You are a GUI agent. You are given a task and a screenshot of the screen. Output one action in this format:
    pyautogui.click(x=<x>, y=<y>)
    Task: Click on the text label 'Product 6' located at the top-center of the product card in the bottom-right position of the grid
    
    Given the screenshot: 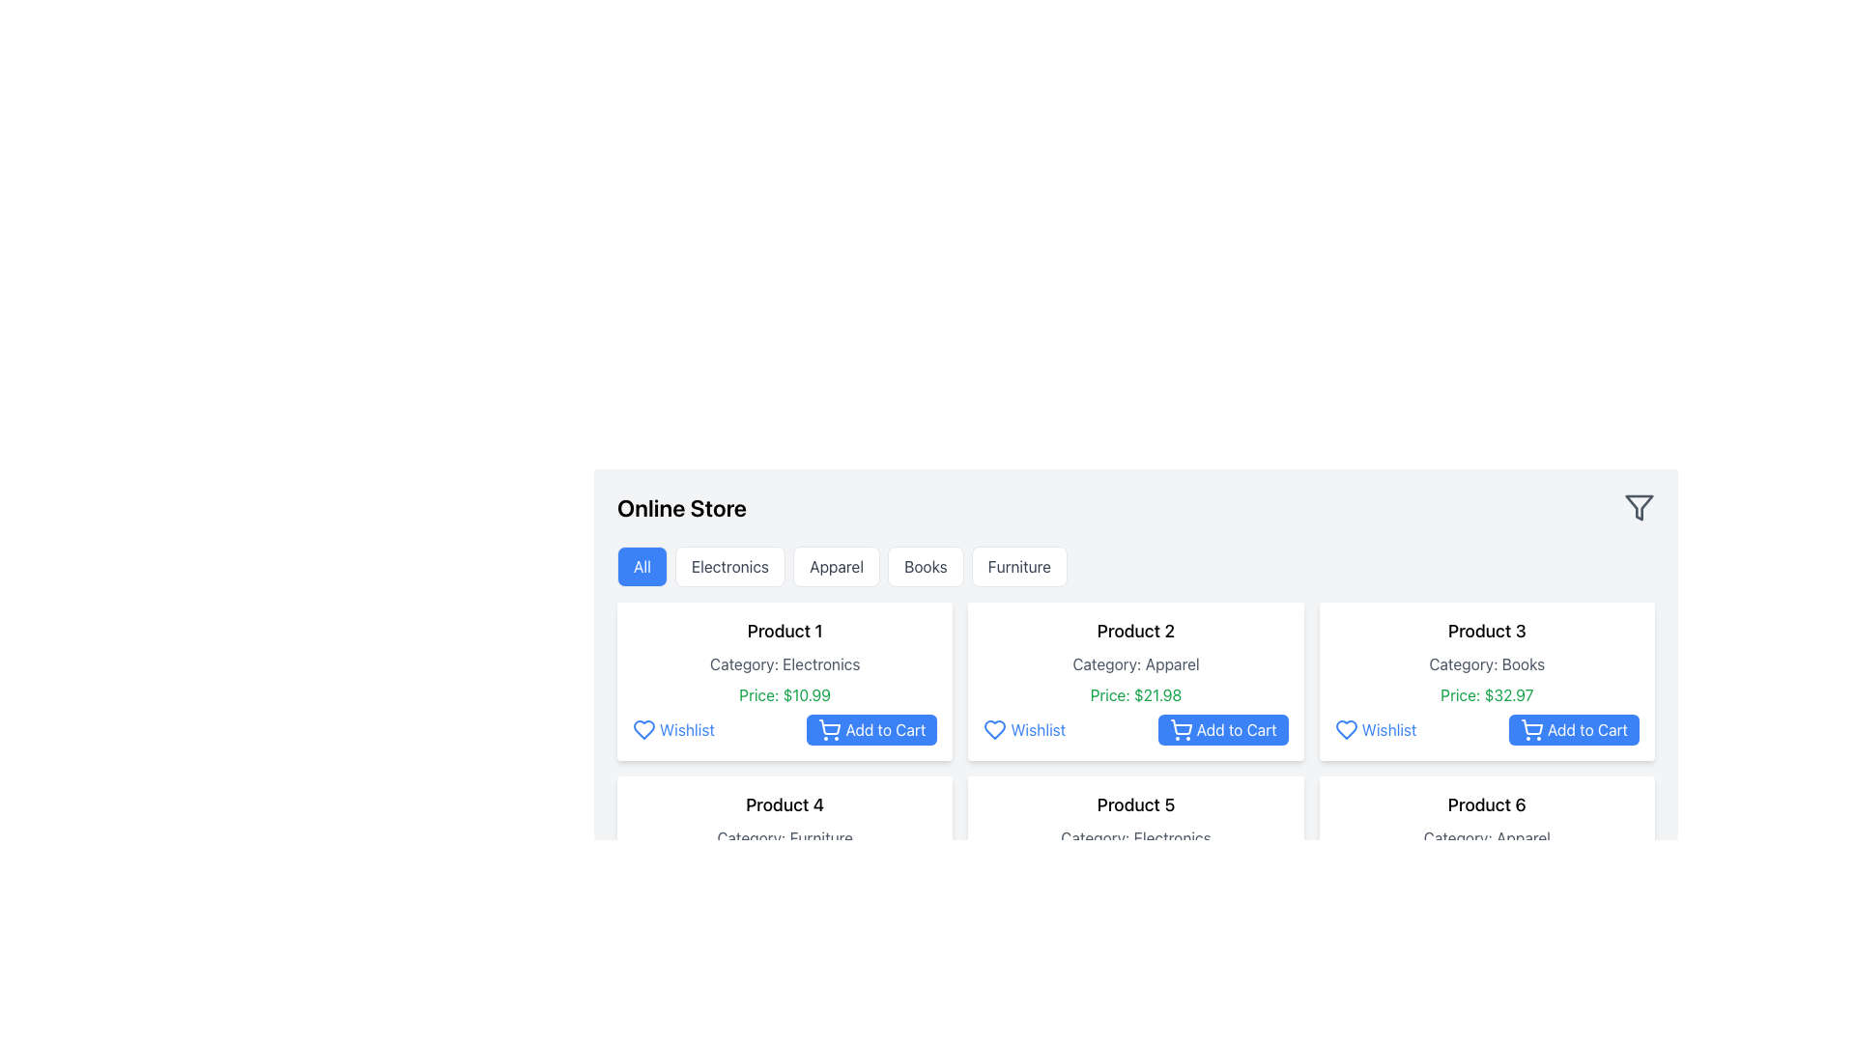 What is the action you would take?
    pyautogui.click(x=1486, y=804)
    